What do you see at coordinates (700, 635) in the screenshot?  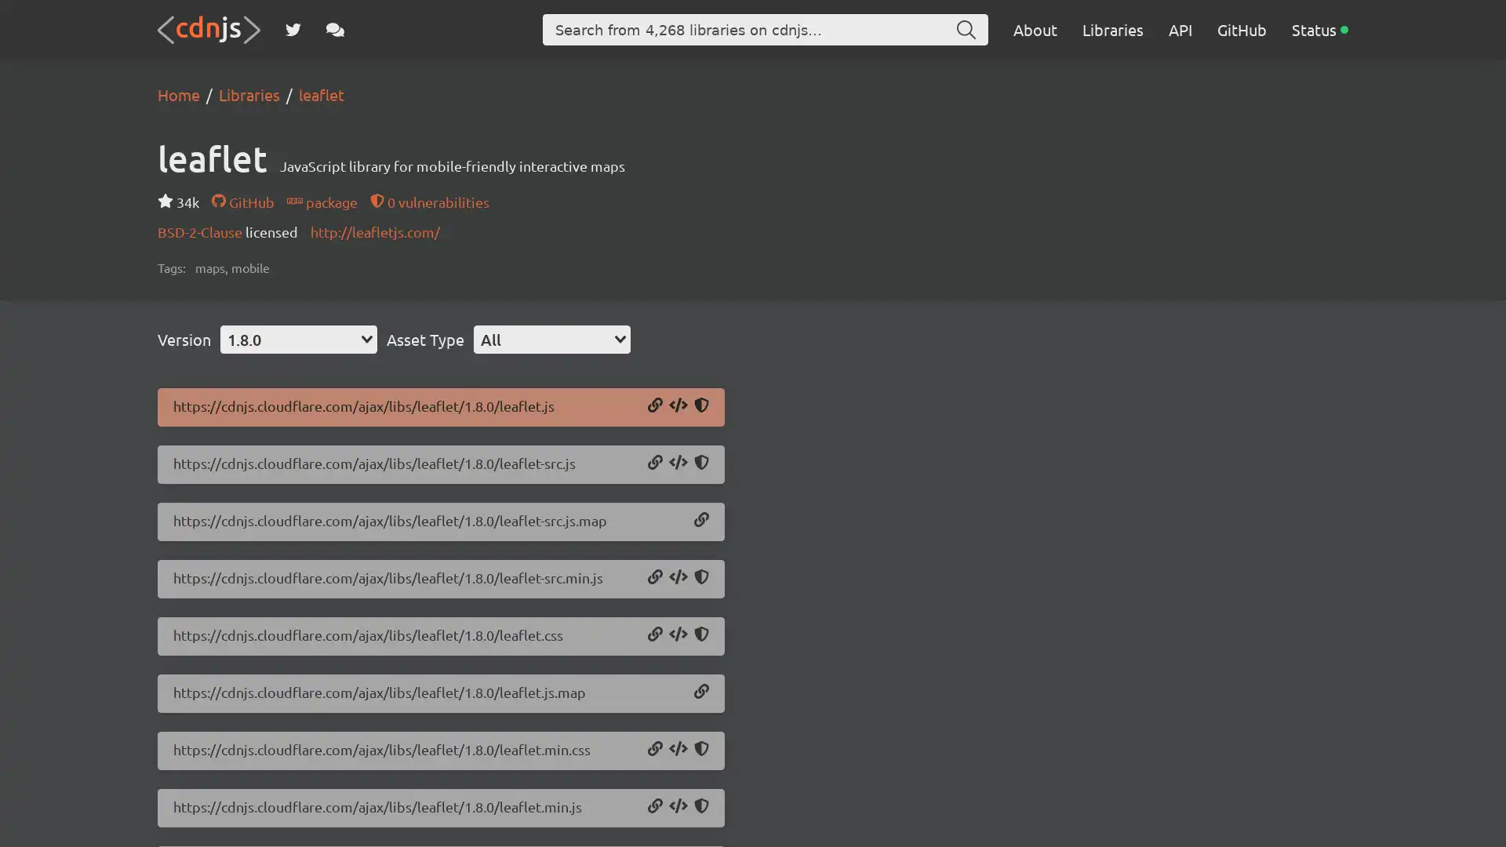 I see `Copy SRI Hash` at bounding box center [700, 635].